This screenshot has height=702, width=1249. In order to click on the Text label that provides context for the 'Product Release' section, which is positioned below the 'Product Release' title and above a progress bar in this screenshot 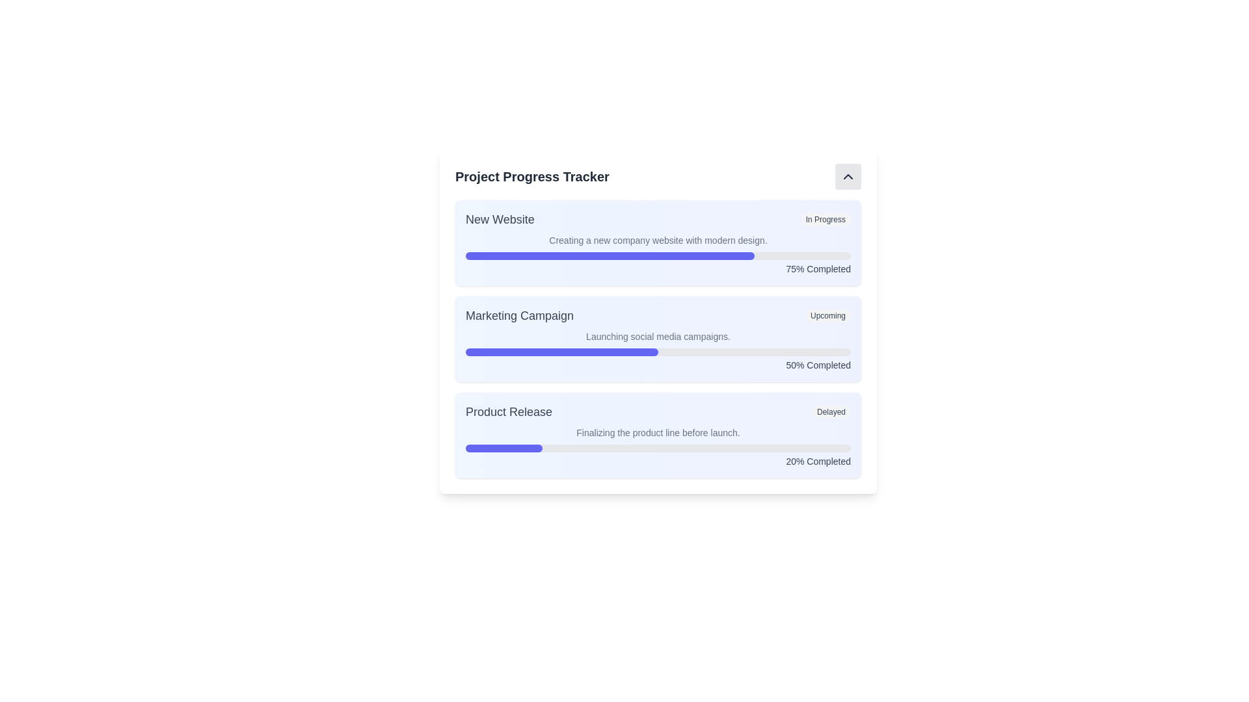, I will do `click(658, 433)`.